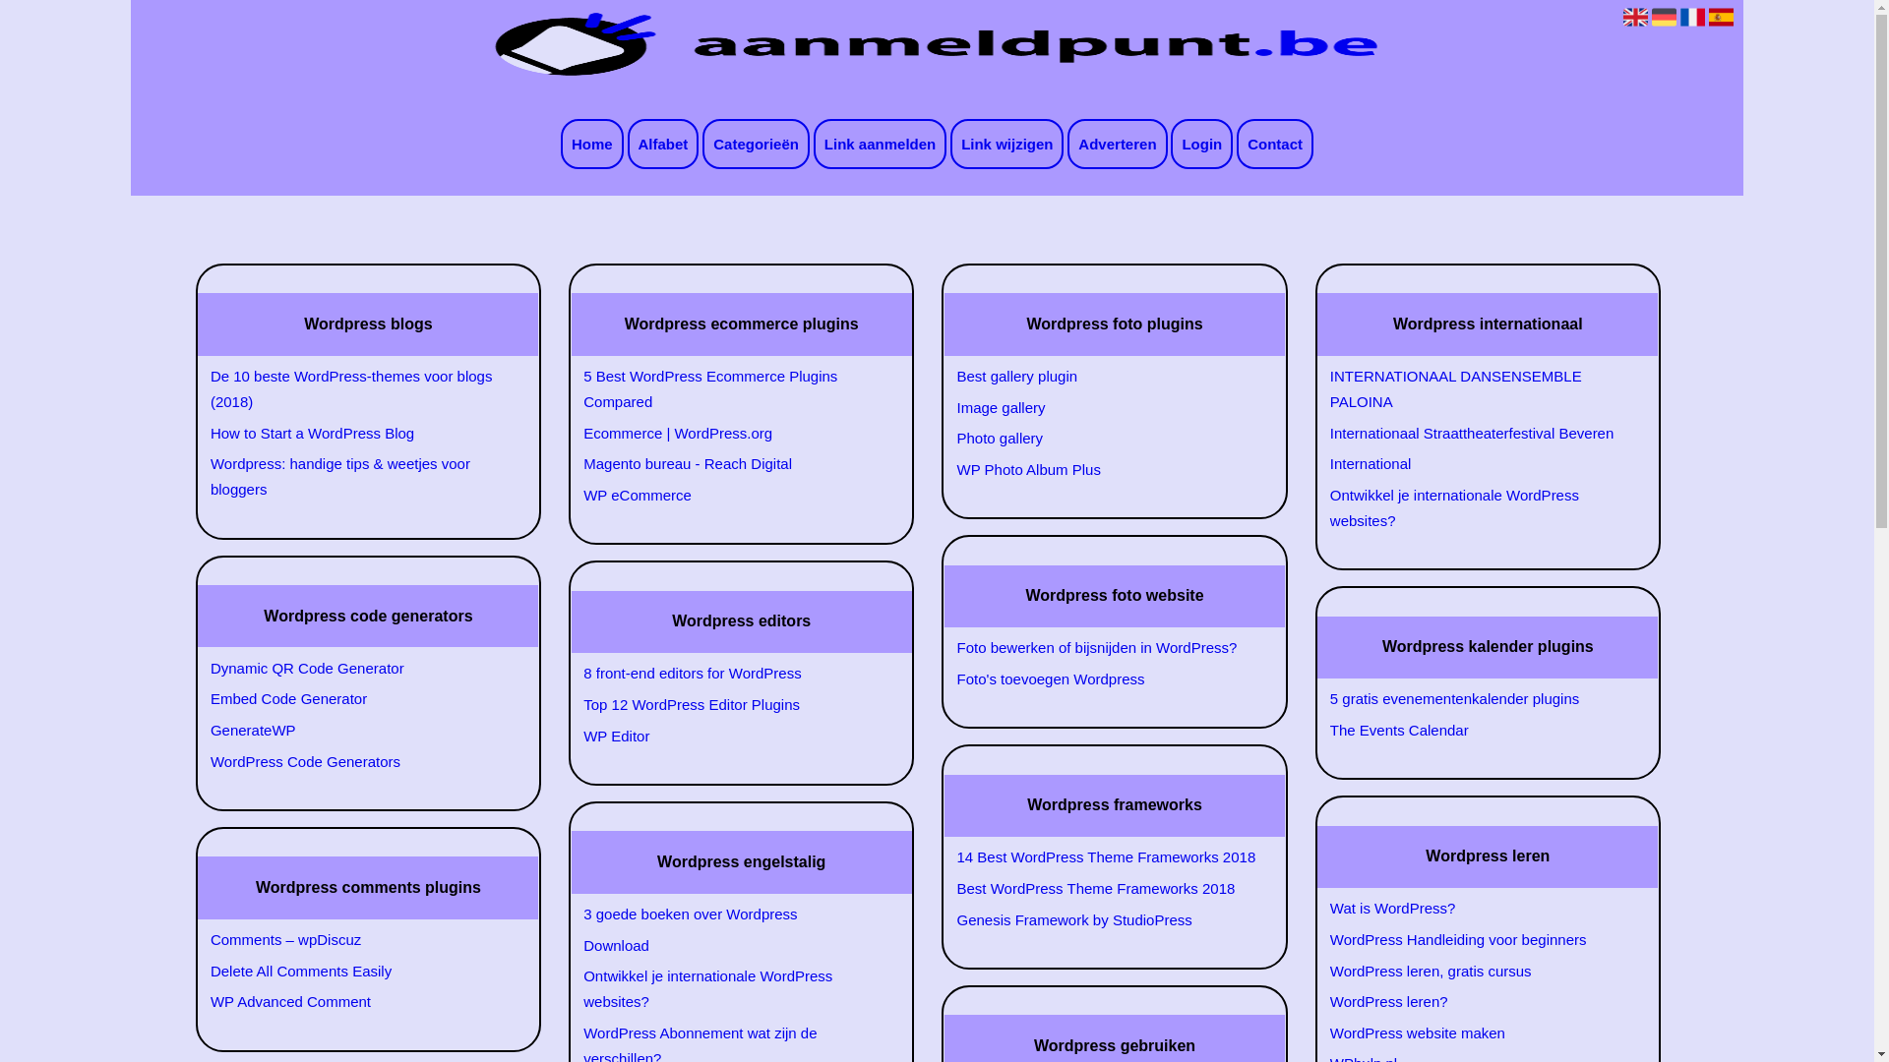  What do you see at coordinates (572, 495) in the screenshot?
I see `'WP eCommerce'` at bounding box center [572, 495].